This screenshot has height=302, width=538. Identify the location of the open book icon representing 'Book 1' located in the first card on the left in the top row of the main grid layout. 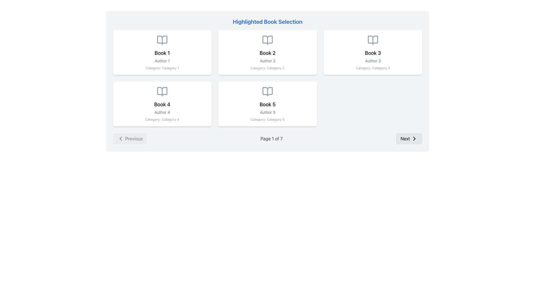
(162, 40).